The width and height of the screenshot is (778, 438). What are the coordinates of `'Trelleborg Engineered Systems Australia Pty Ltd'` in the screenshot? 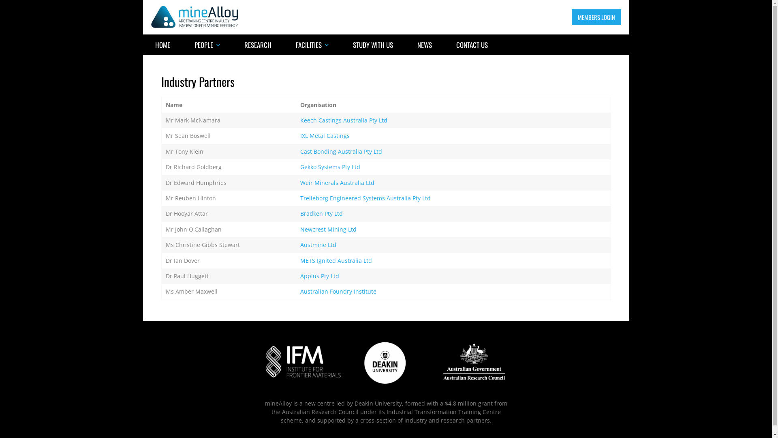 It's located at (365, 198).